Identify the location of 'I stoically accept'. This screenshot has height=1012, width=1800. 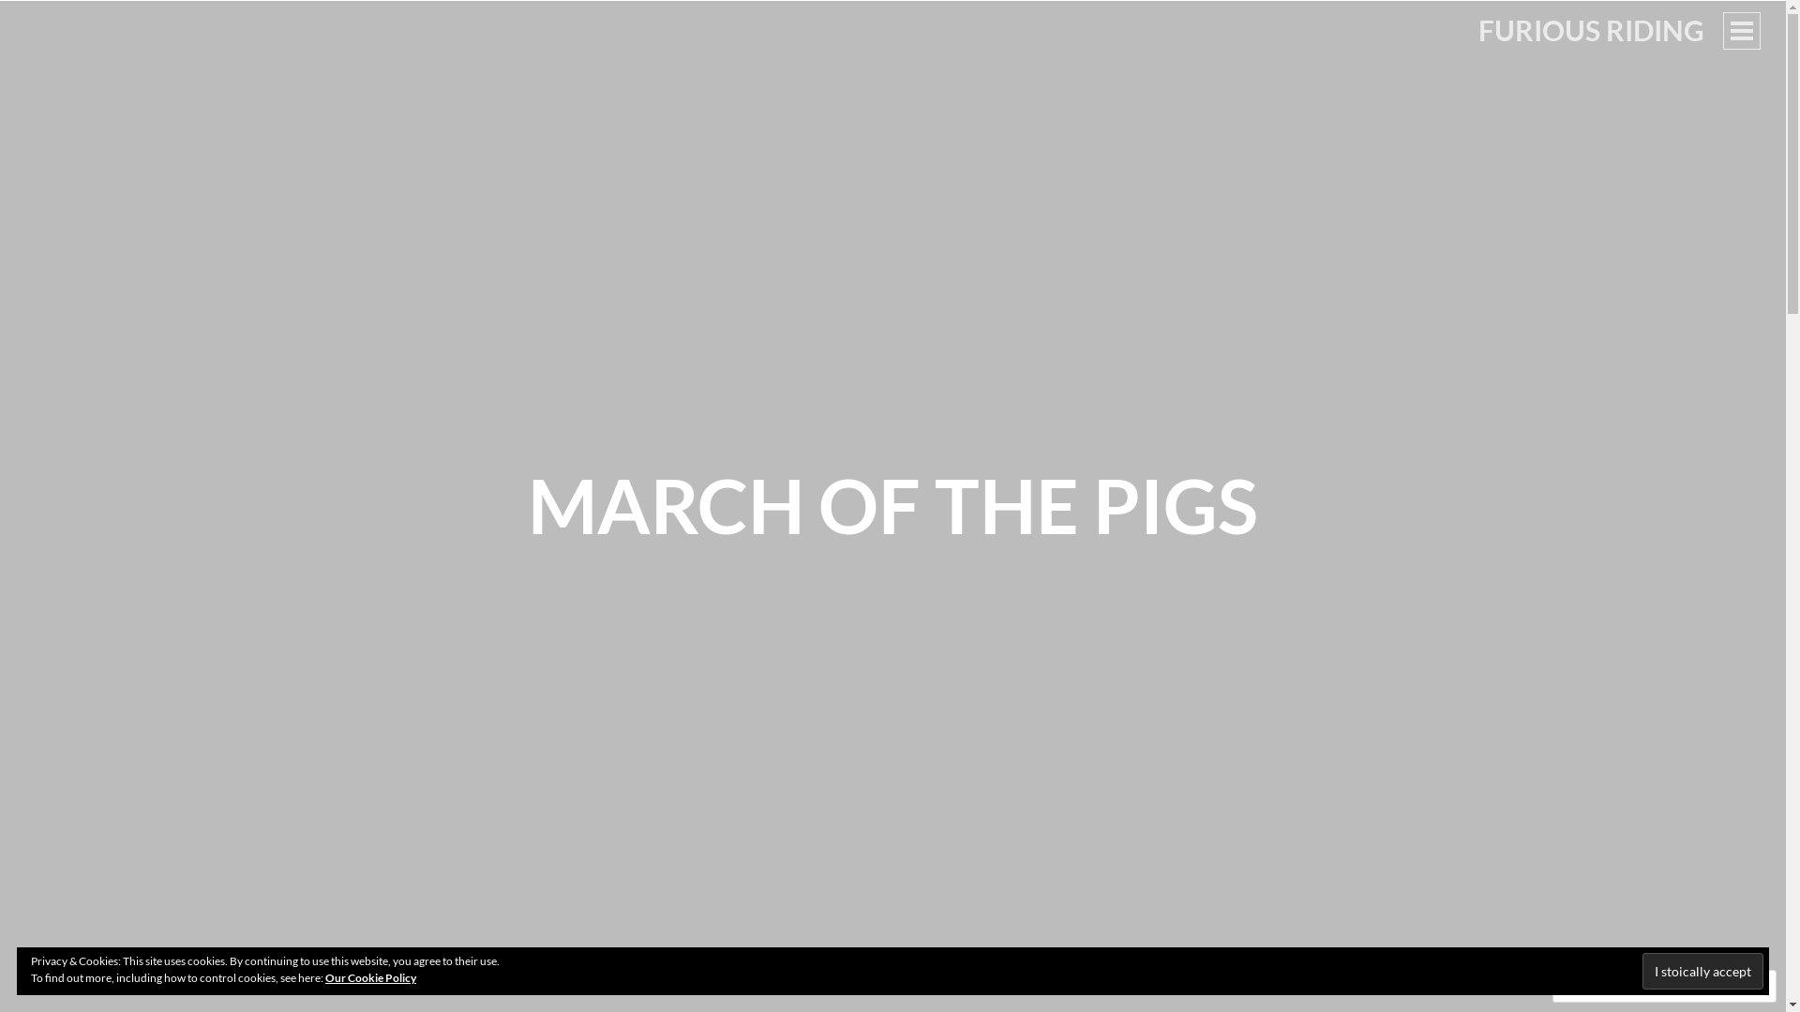
(1702, 970).